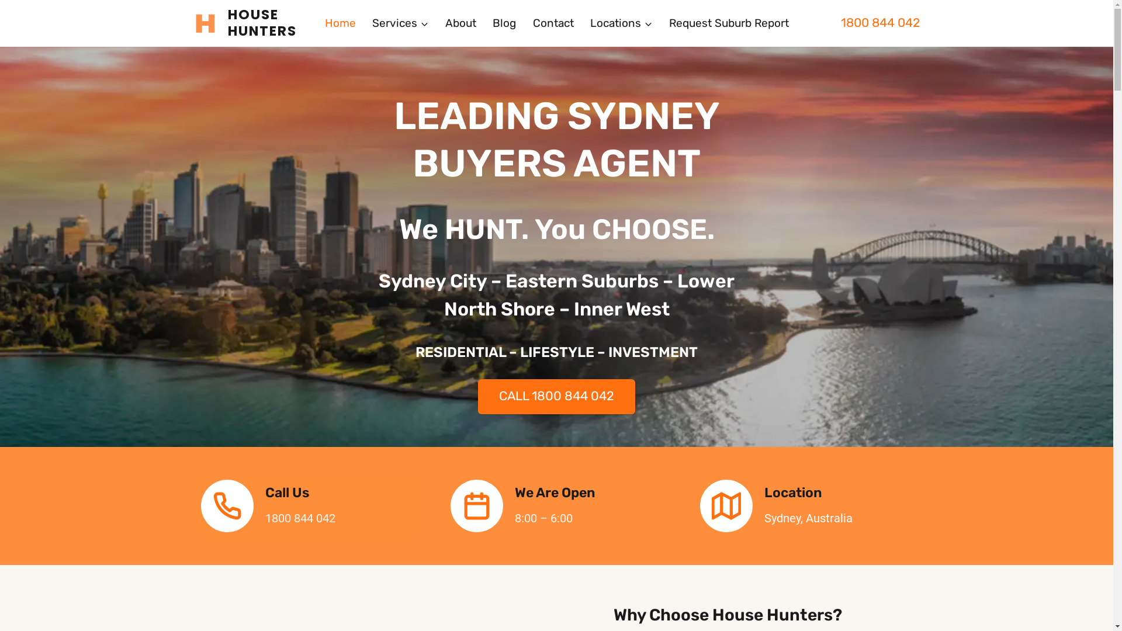 This screenshot has height=631, width=1122. Describe the element at coordinates (728, 23) in the screenshot. I see `'Request Suburb Report'` at that location.